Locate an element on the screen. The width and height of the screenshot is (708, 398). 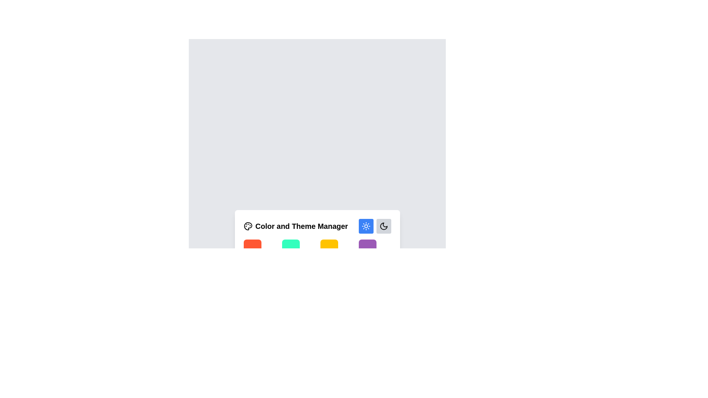
the third button in a horizontal row of four elements, located near the bottom center of the interface is located at coordinates (329, 248).